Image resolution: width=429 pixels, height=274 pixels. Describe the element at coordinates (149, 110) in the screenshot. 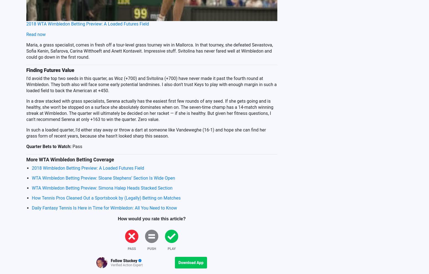

I see `'In a draw stacked with grass specialists, Serena actually has the easiest first few rounds of any seed. If she gets going and is healthy, she won't be stopped on a surface she absolutely dominates when on. The seven-time champ has a 14-match winning streak at Wimbledon. The quarter will ultimately be decided on her racket — if she is healthy. But given her fitness questions, I can't recommend Serena at only +163 to win the quarter. Zero value.'` at that location.